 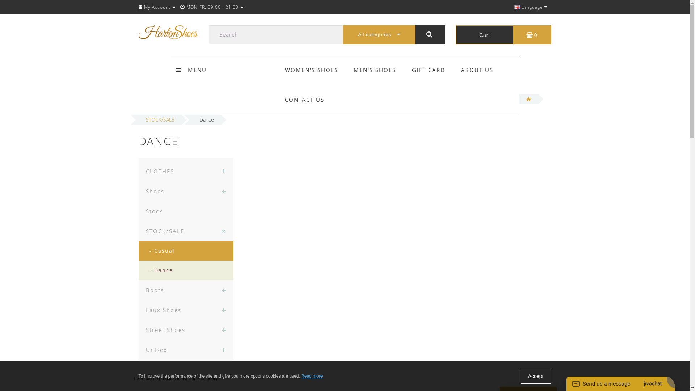 What do you see at coordinates (477, 70) in the screenshot?
I see `'ABOUT US'` at bounding box center [477, 70].